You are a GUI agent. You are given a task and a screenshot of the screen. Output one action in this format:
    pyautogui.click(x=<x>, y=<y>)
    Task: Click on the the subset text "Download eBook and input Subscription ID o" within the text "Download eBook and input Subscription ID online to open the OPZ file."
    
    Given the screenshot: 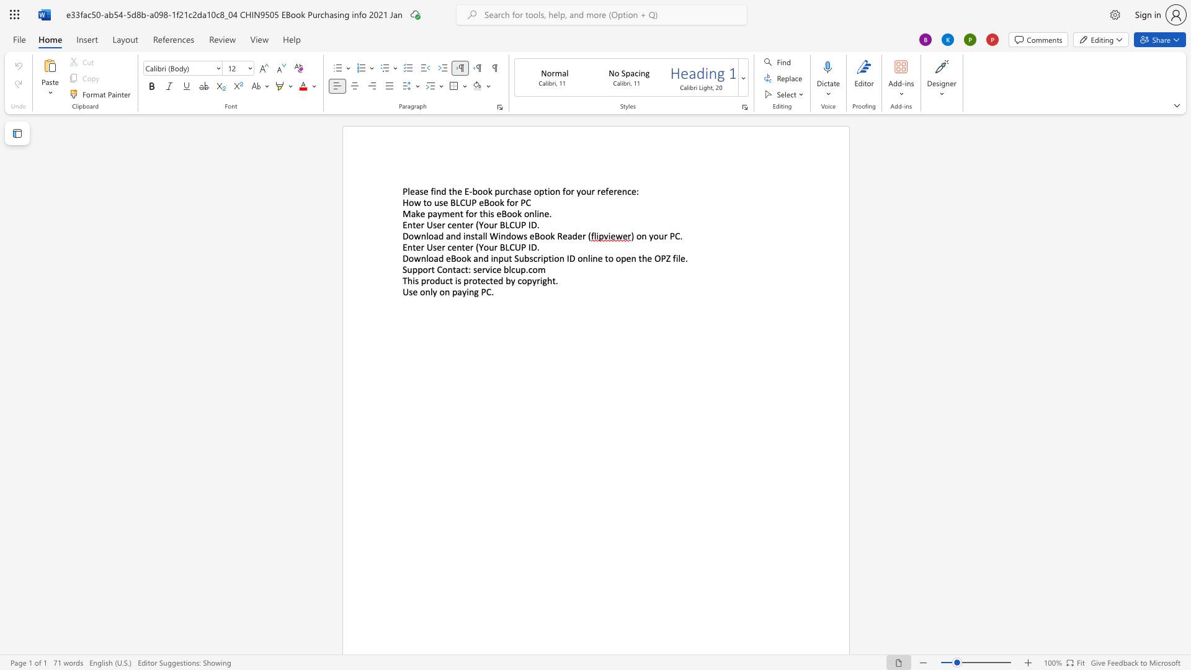 What is the action you would take?
    pyautogui.click(x=402, y=257)
    